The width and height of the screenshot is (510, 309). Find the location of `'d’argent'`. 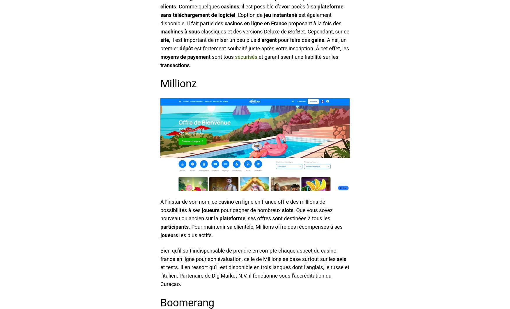

'd’argent' is located at coordinates (267, 40).